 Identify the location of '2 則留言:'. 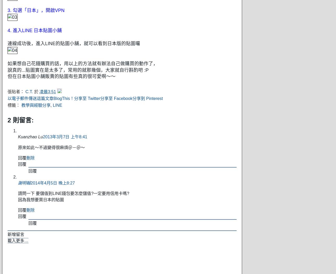
(7, 120).